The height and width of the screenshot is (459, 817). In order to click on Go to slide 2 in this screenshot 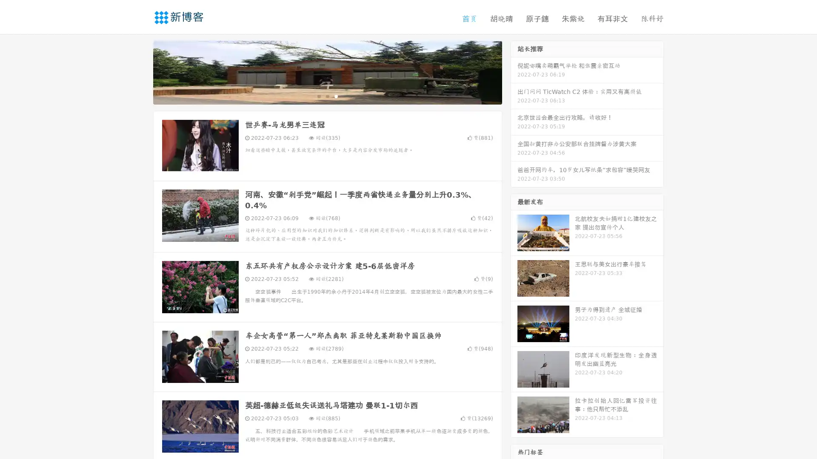, I will do `click(327, 96)`.